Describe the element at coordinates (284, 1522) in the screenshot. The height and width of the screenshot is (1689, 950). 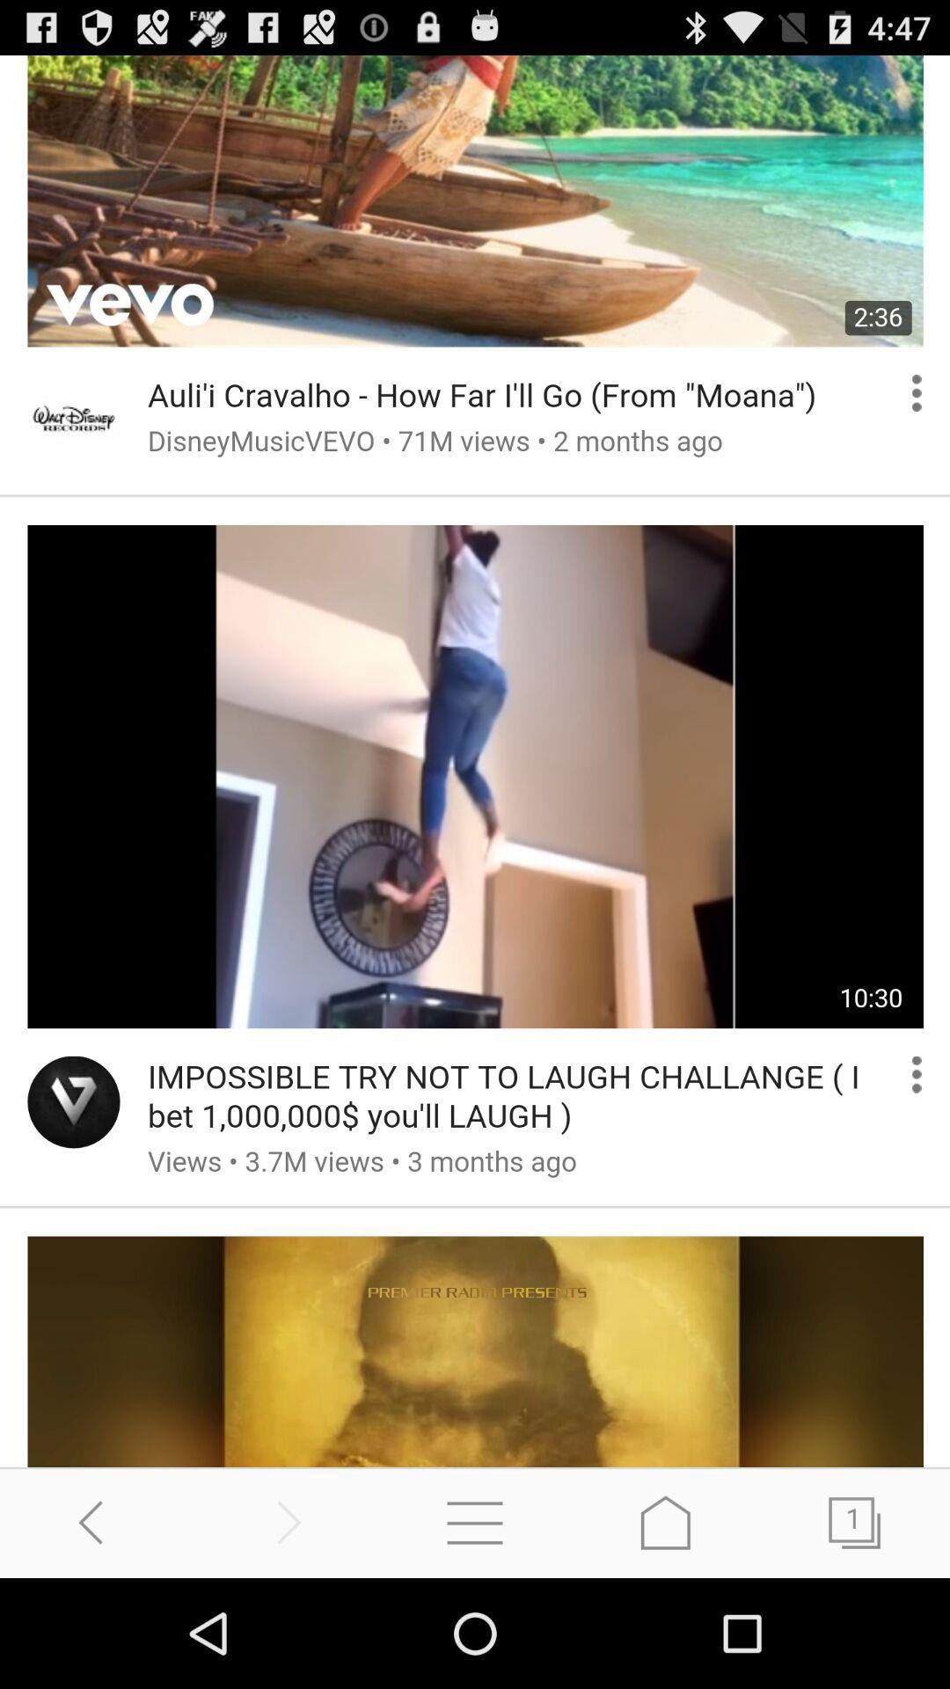
I see `proceed to next` at that location.